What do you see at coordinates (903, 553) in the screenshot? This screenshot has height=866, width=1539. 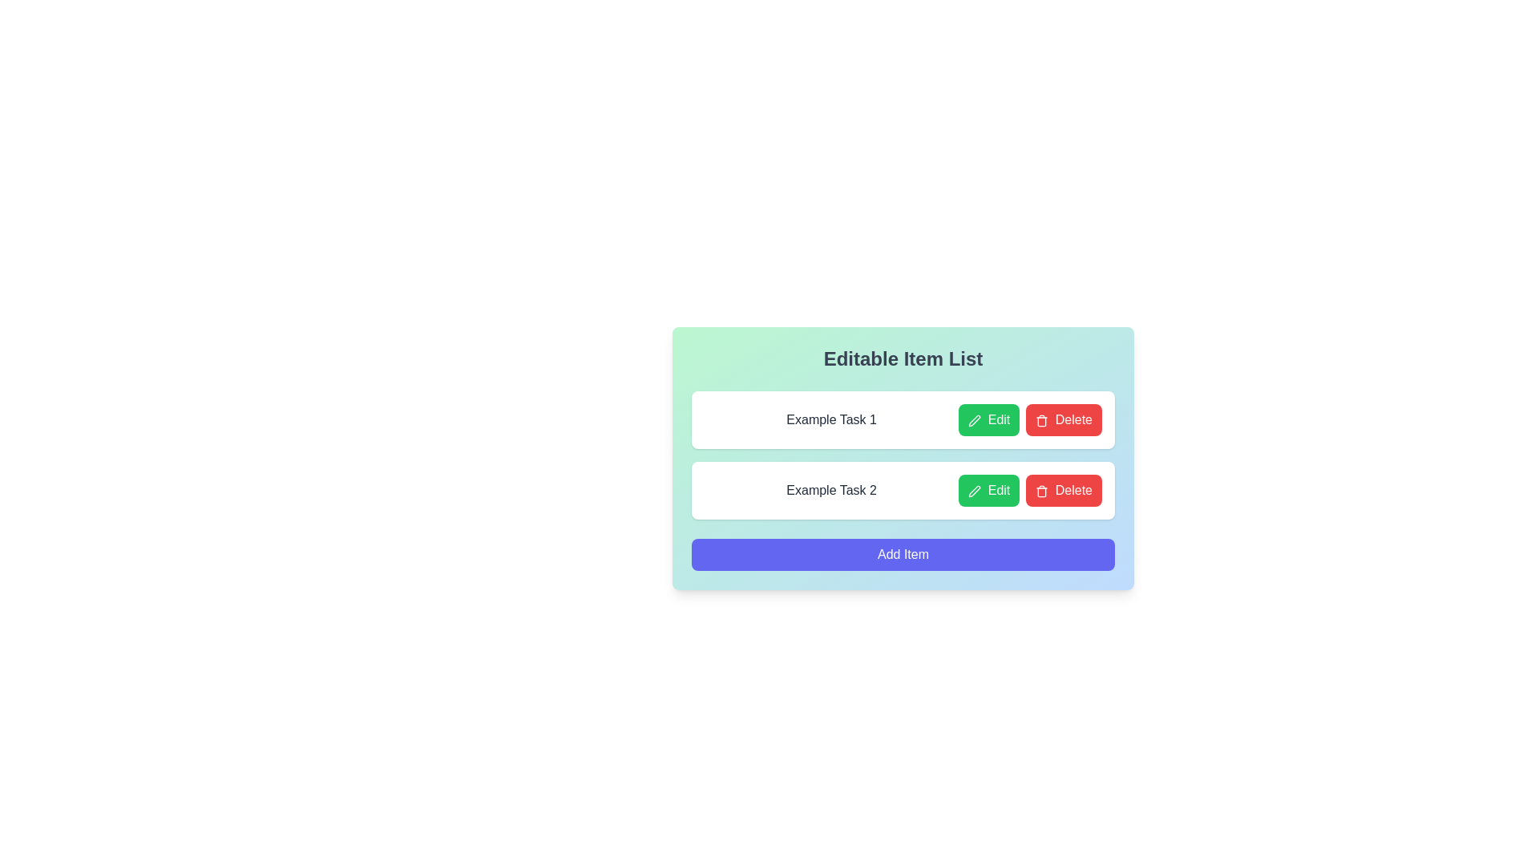 I see `the 'Add Item' button with a bold purple background and white text located at the bottom of the 'Editable Item List' card interface` at bounding box center [903, 553].